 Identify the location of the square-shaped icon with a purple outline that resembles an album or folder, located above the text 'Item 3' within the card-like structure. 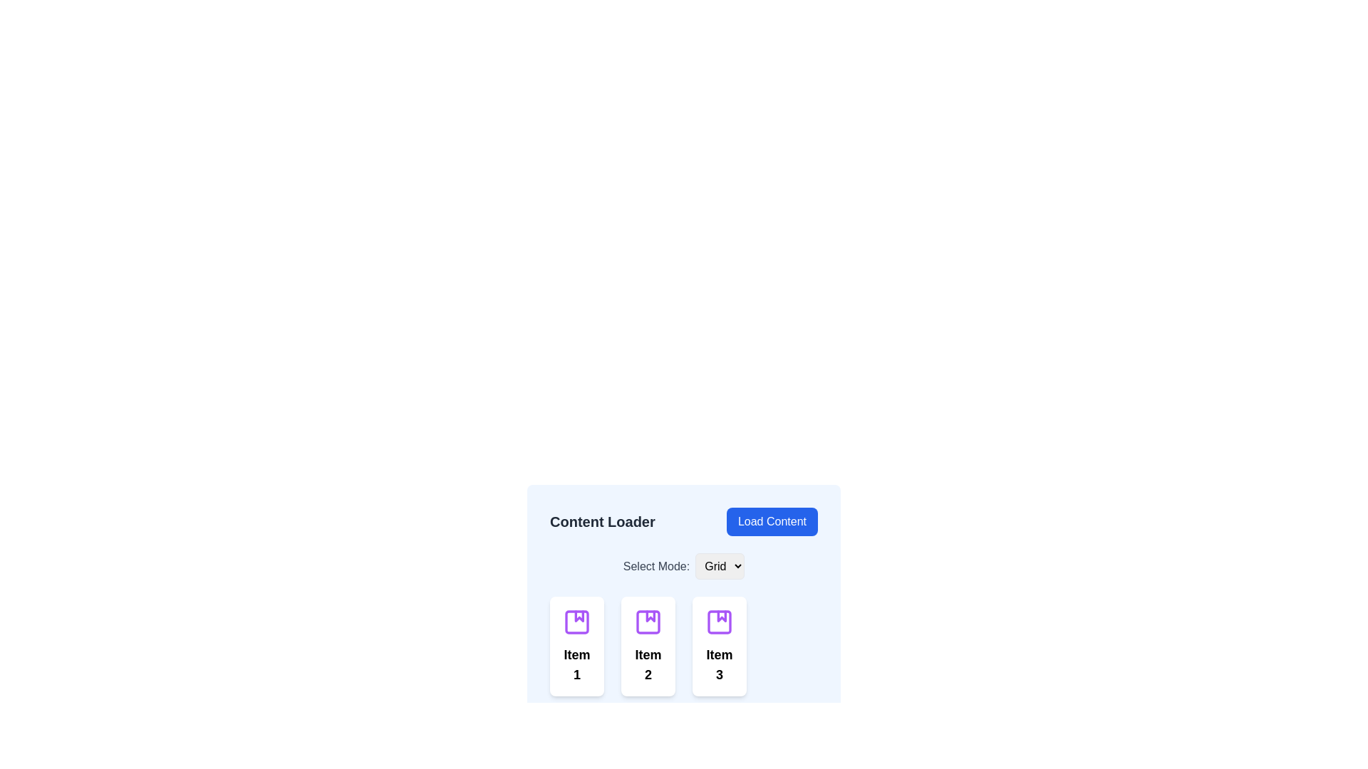
(719, 622).